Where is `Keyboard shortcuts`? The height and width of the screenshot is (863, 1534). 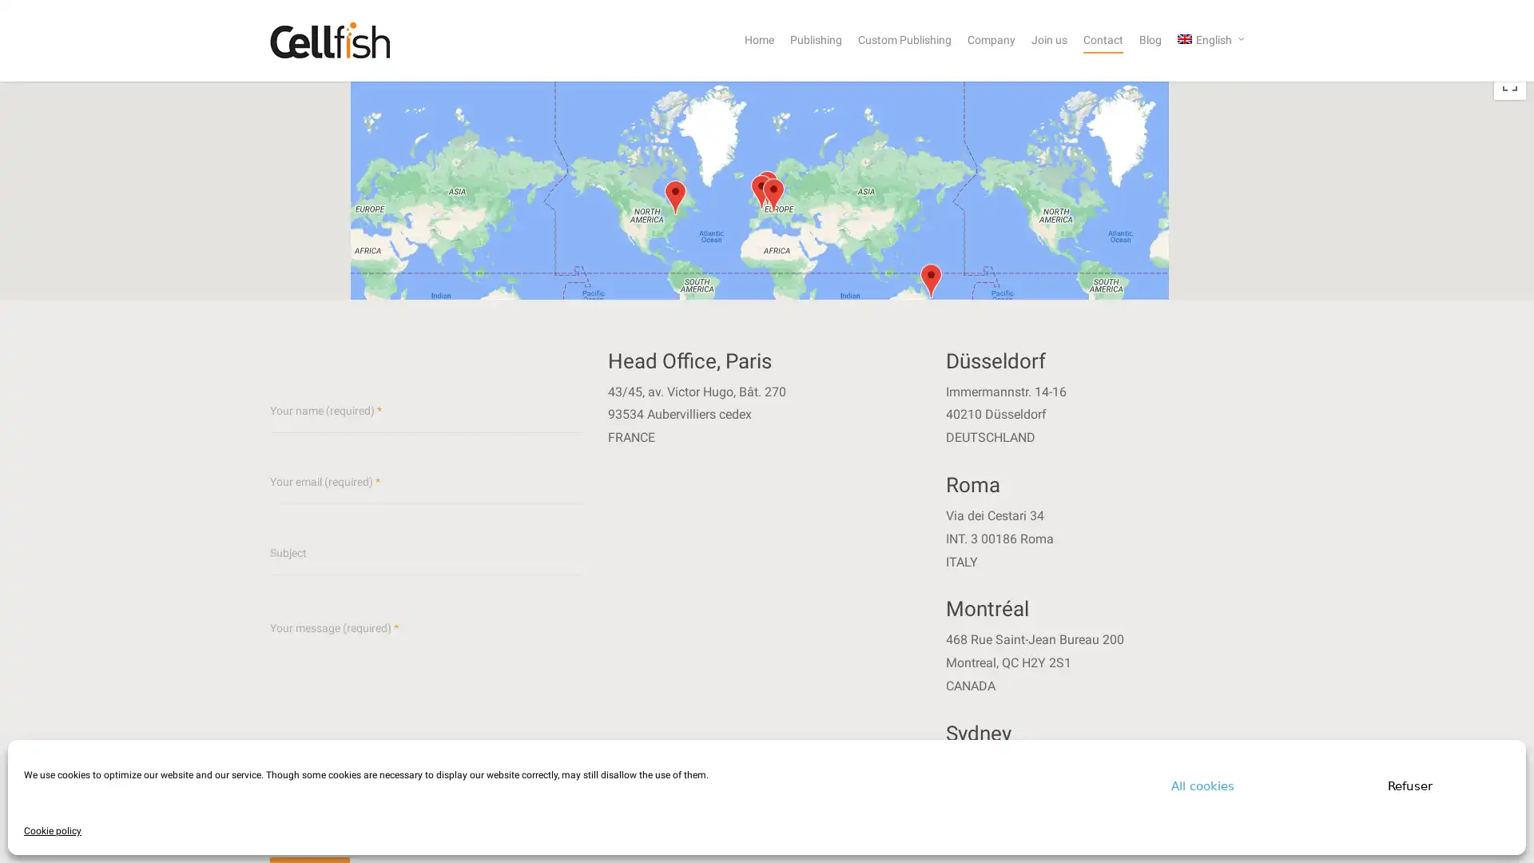
Keyboard shortcuts is located at coordinates (1369, 348).